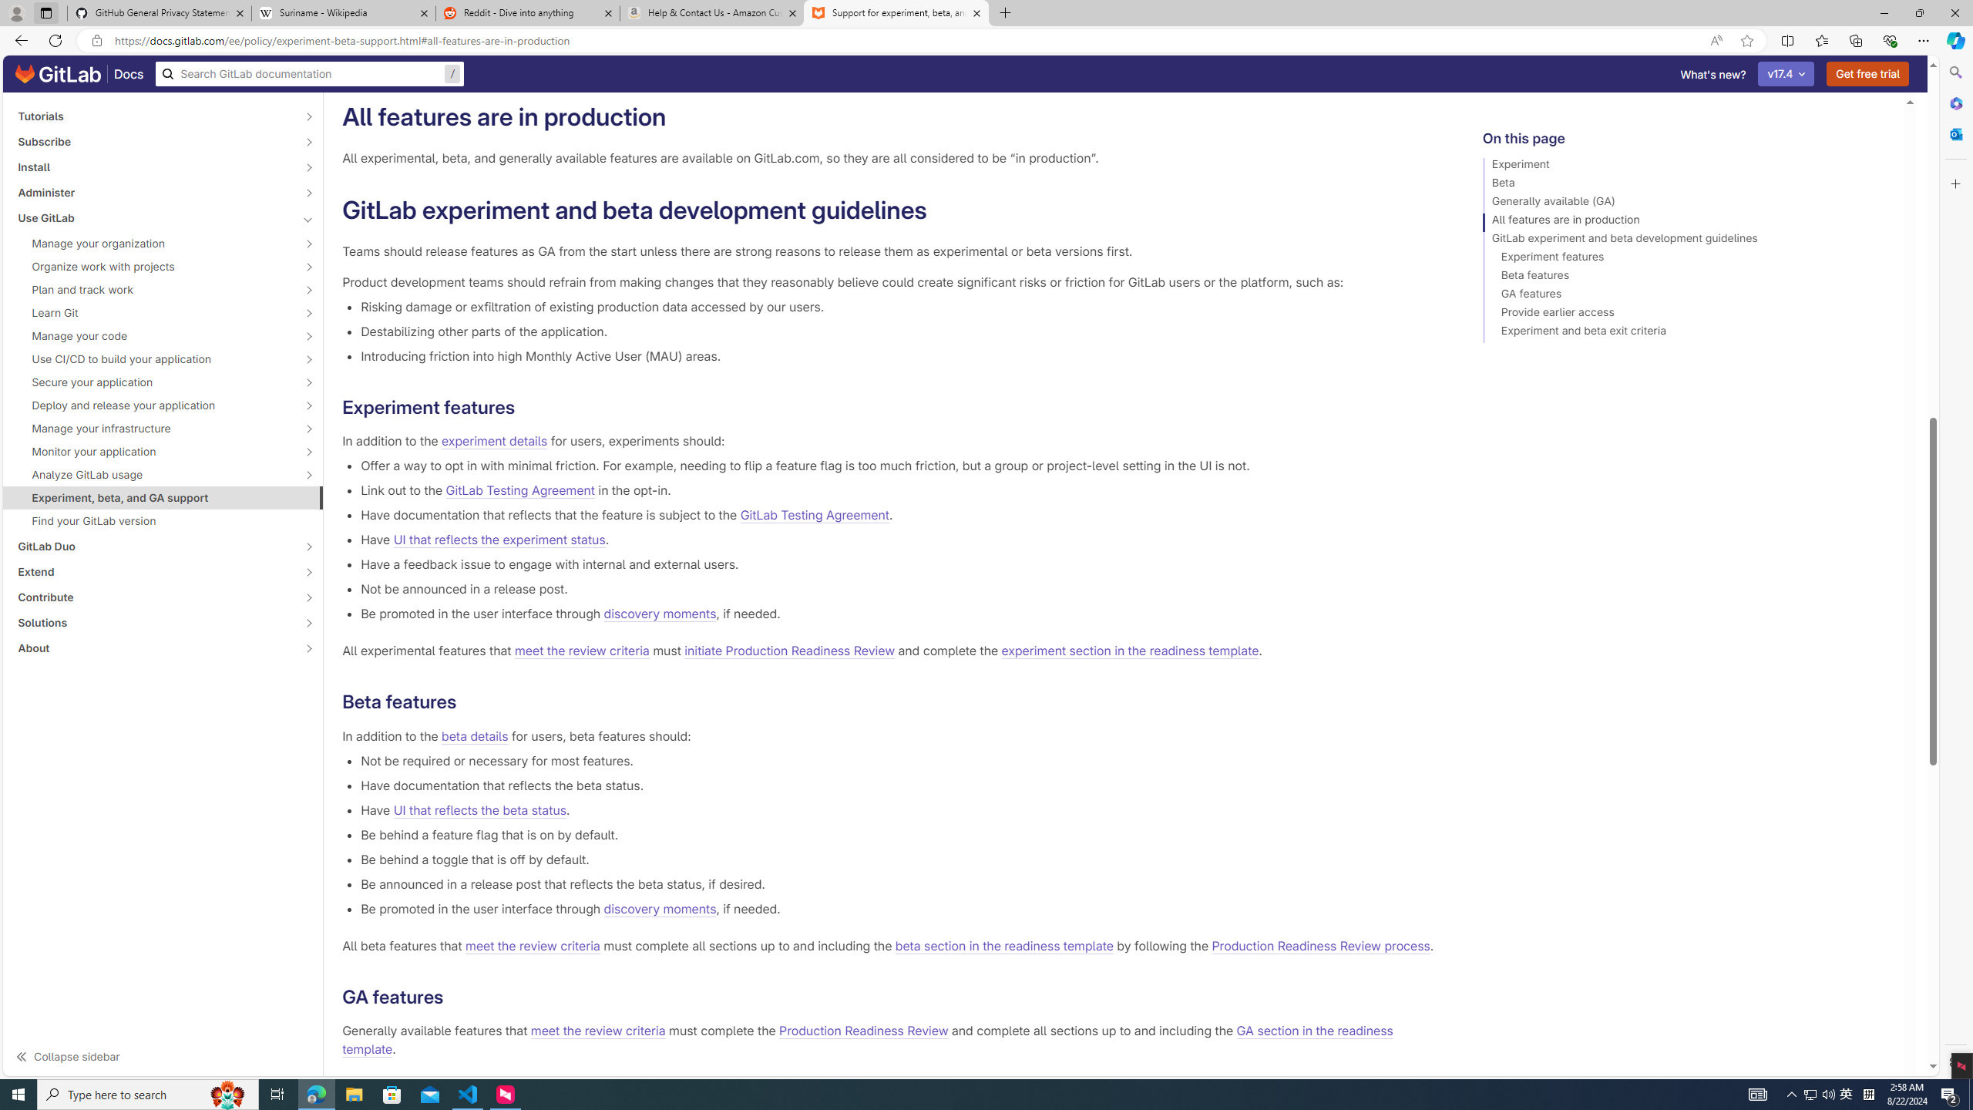 The image size is (1973, 1110). What do you see at coordinates (499, 540) in the screenshot?
I see `'UI that reflects the experiment status'` at bounding box center [499, 540].